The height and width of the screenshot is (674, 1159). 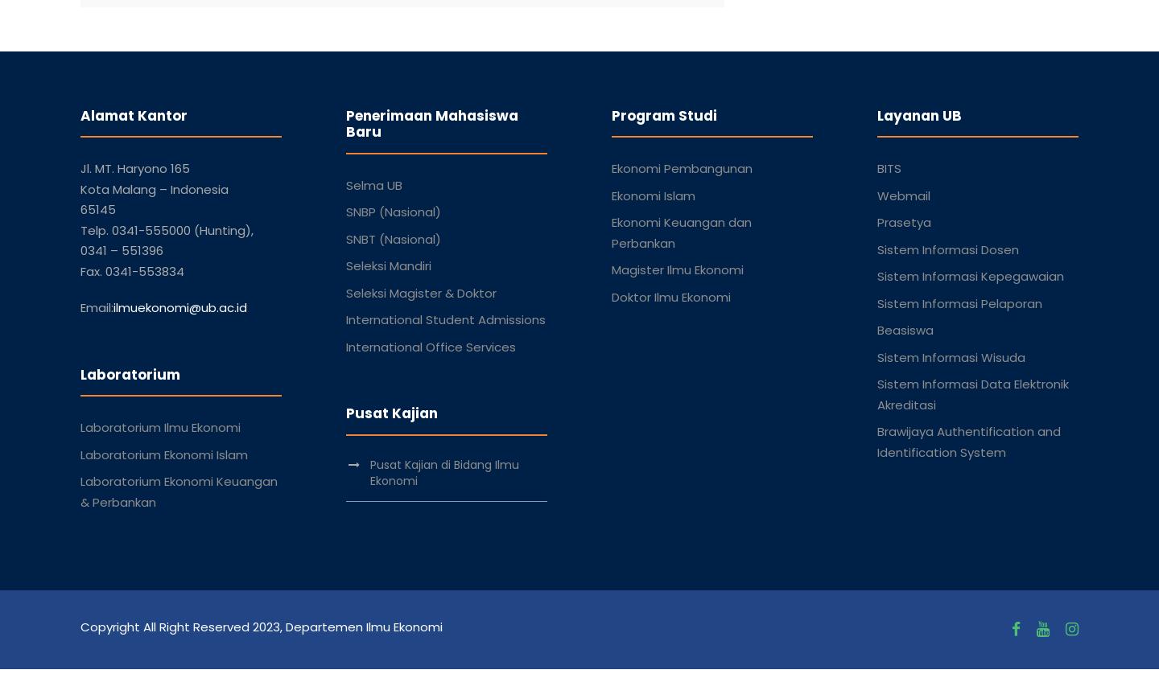 I want to click on 'Copyright All Right Reserved 2023, Departemen Ilmu Ekonomi', so click(x=262, y=625).